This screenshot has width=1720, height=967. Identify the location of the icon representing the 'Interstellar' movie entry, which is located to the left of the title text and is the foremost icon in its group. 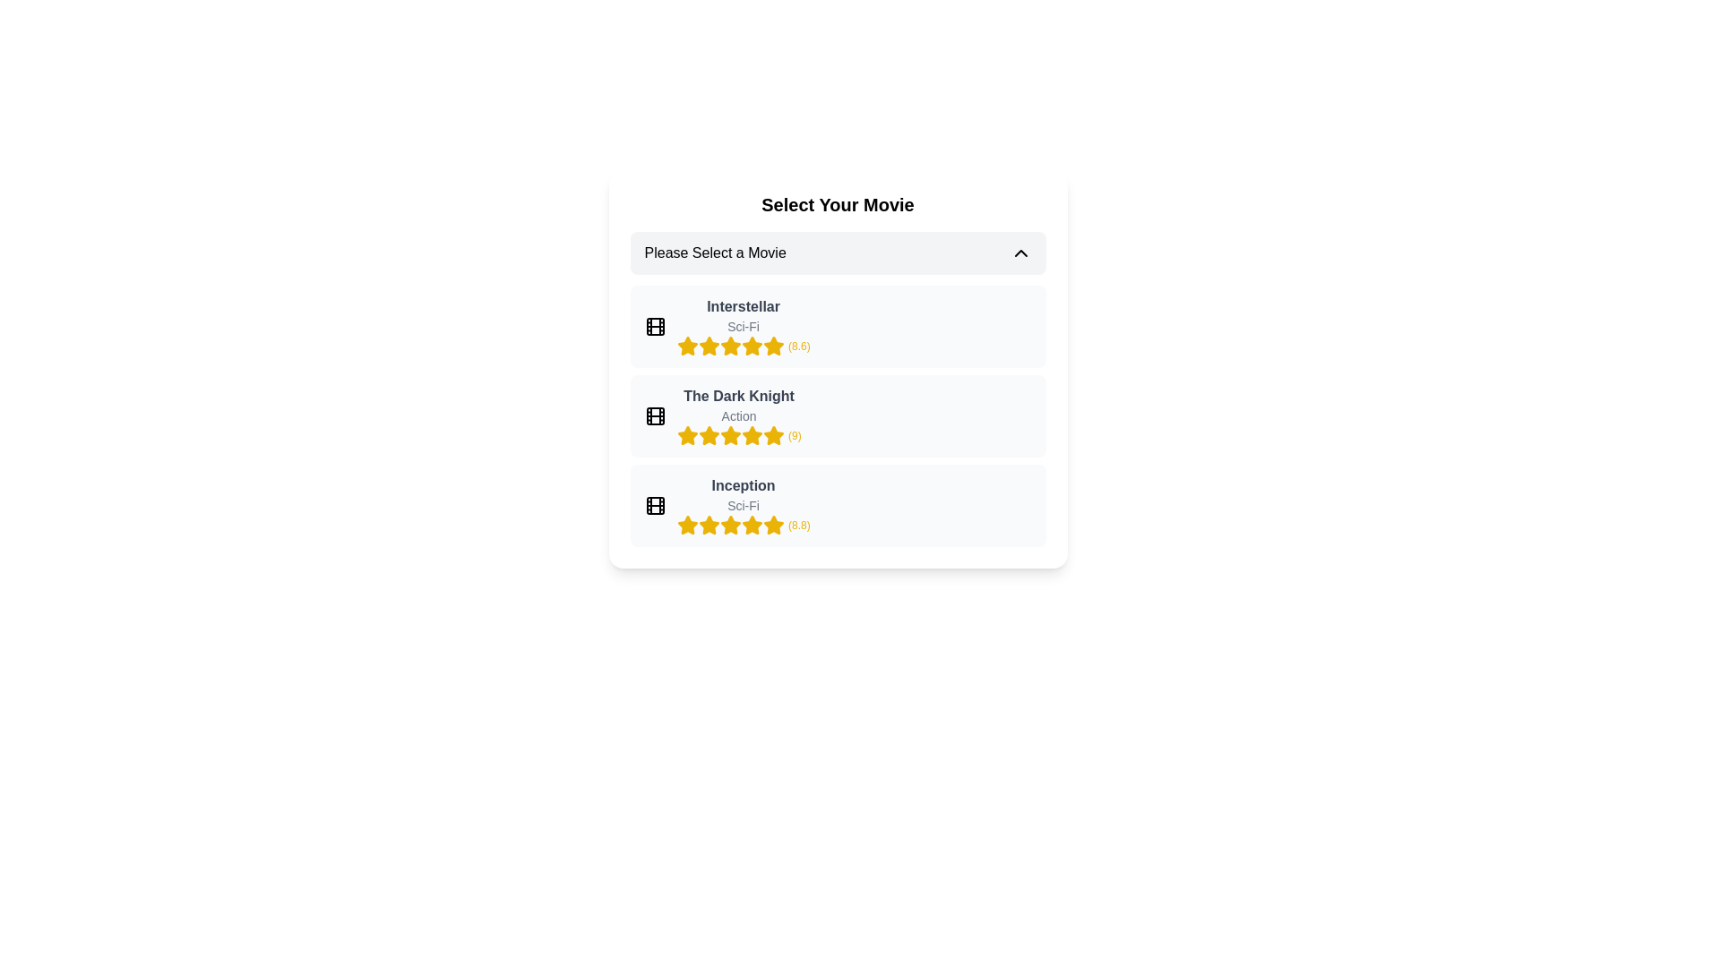
(654, 327).